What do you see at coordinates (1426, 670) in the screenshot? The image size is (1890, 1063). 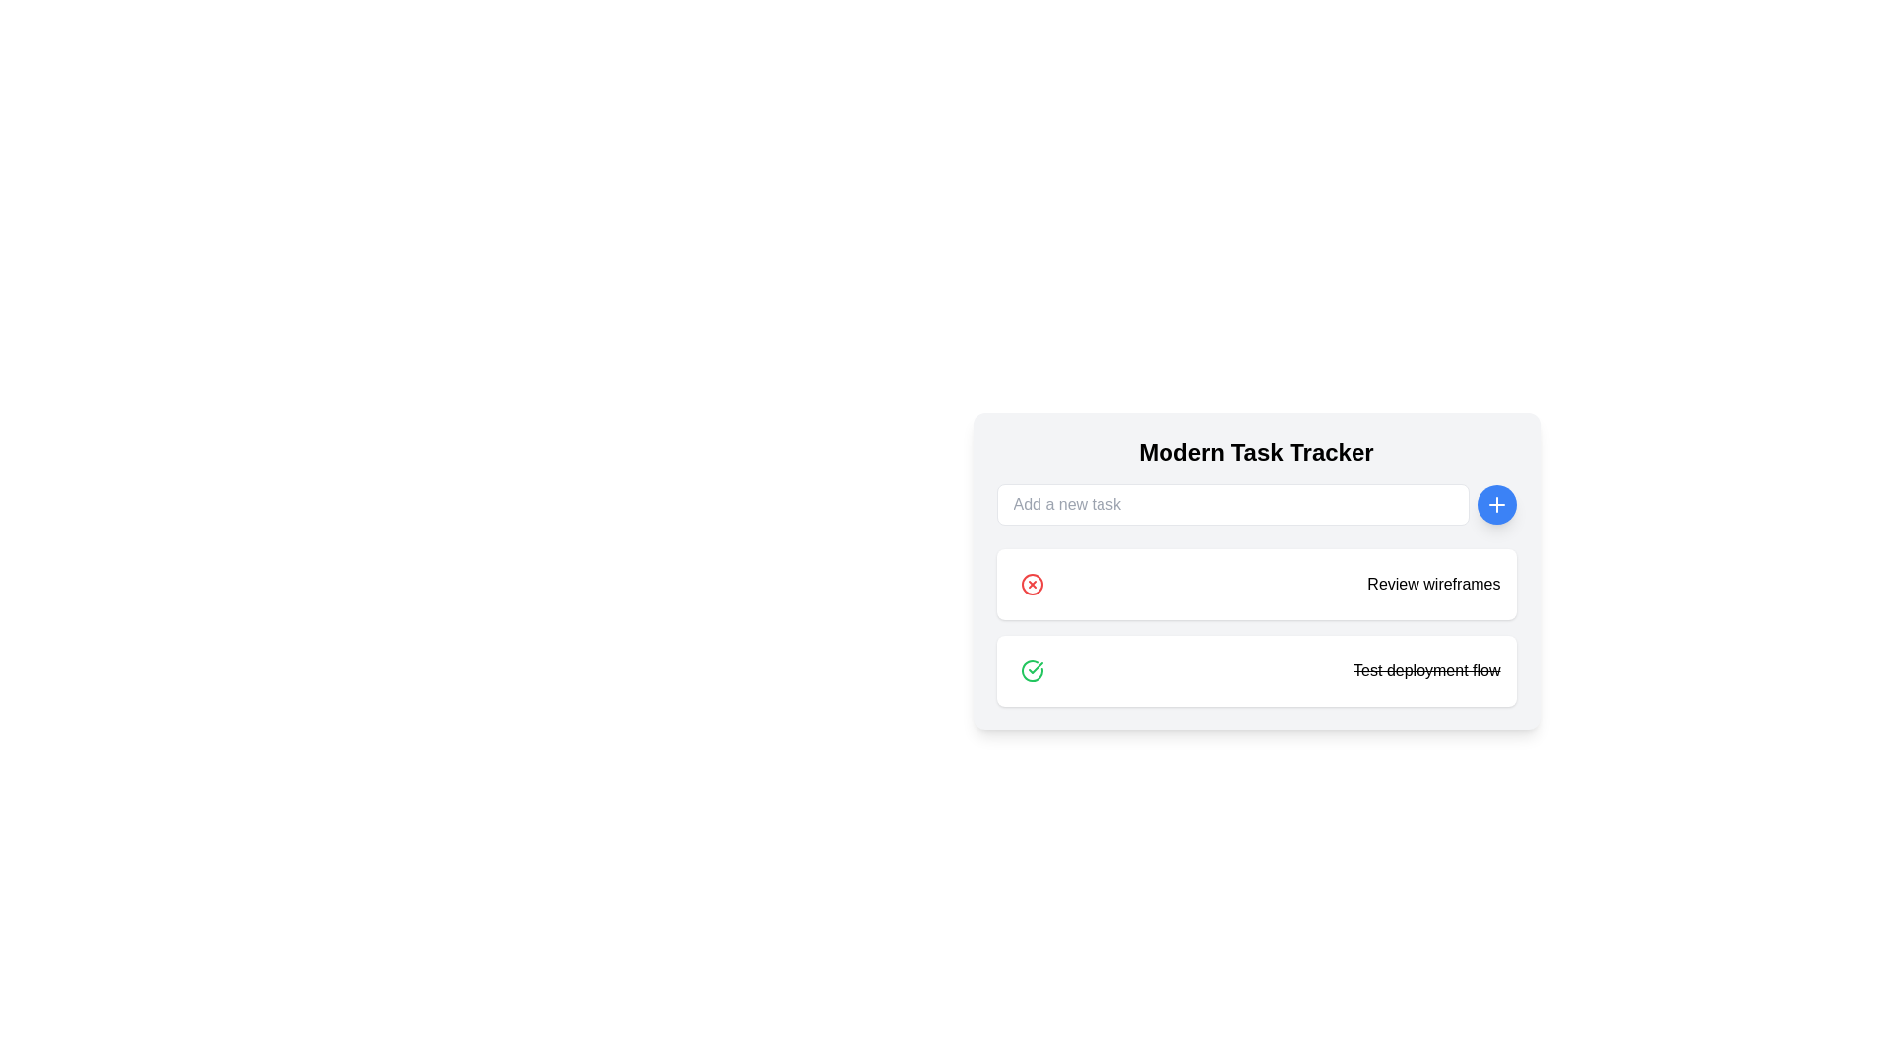 I see `the text label displaying 'Test deployment flow' for accessibility purposes` at bounding box center [1426, 670].